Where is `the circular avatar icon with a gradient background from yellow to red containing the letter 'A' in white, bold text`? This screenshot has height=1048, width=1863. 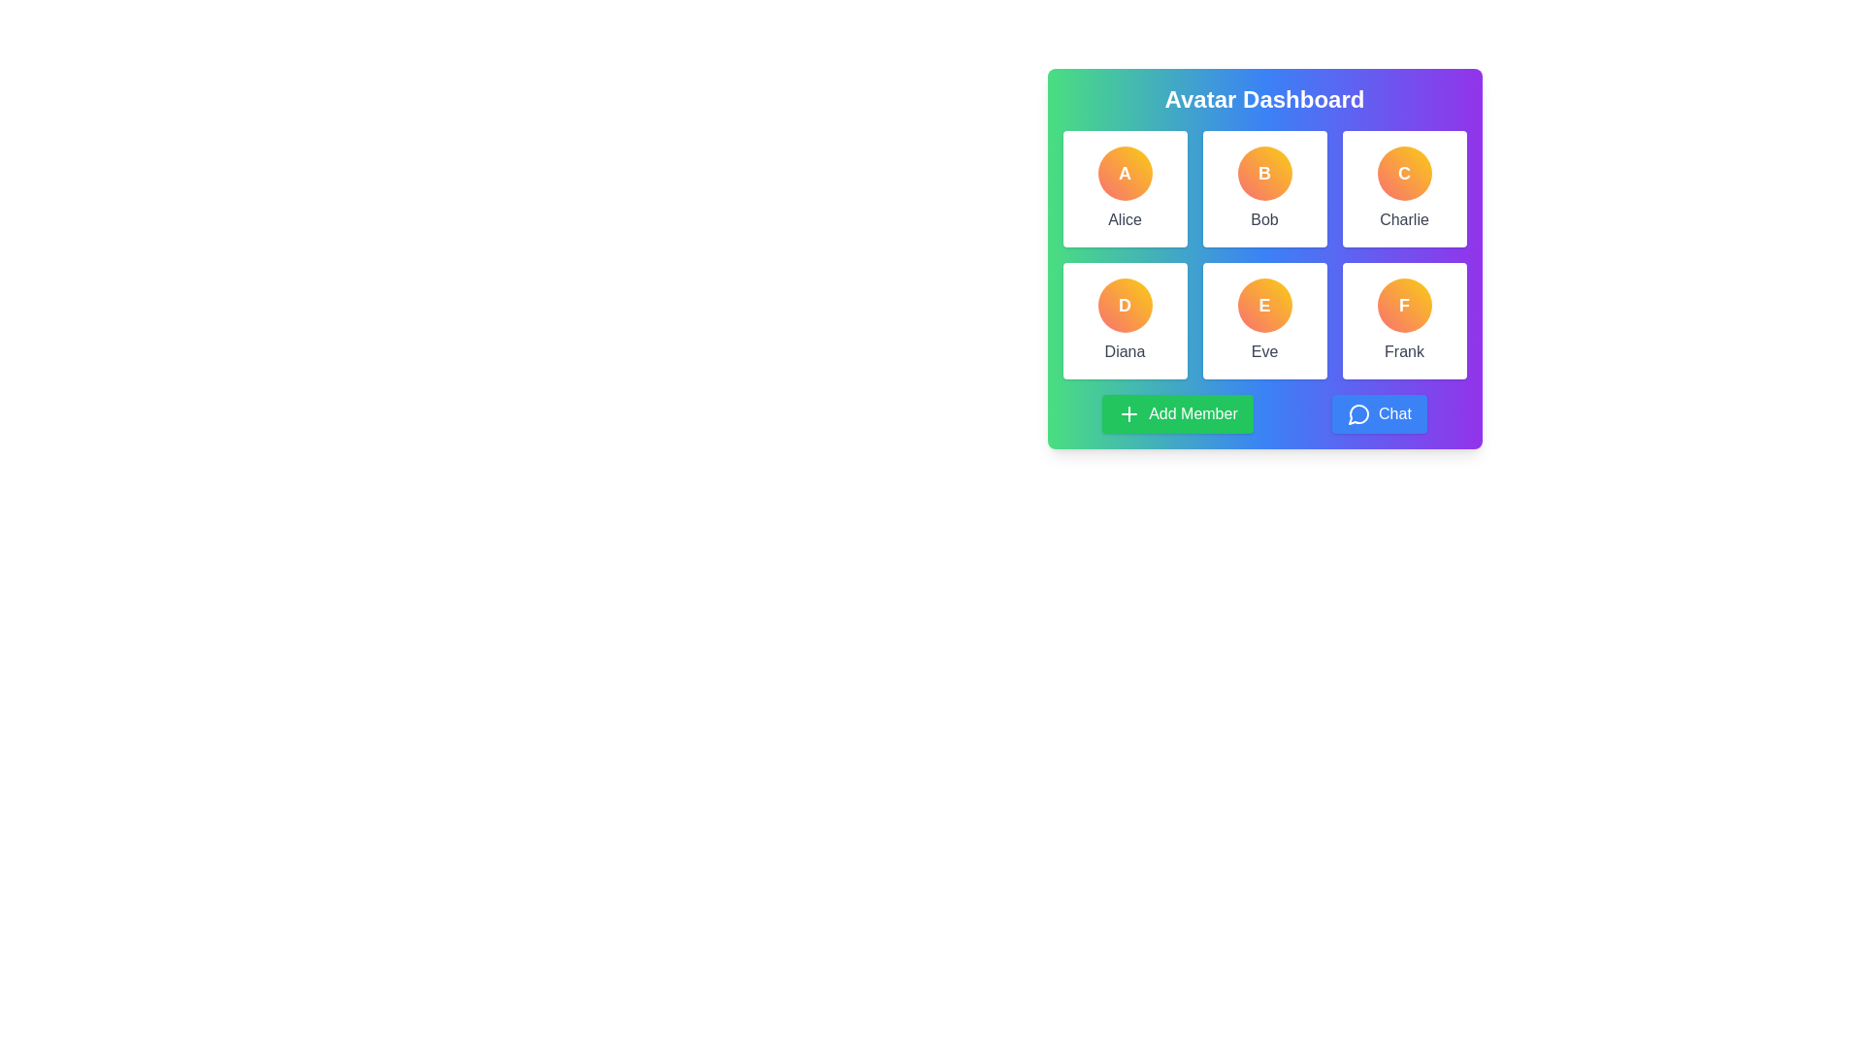
the circular avatar icon with a gradient background from yellow to red containing the letter 'A' in white, bold text is located at coordinates (1125, 172).